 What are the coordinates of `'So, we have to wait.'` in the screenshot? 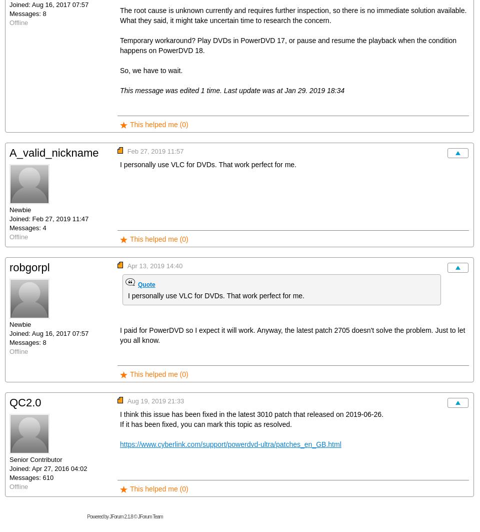 It's located at (151, 70).